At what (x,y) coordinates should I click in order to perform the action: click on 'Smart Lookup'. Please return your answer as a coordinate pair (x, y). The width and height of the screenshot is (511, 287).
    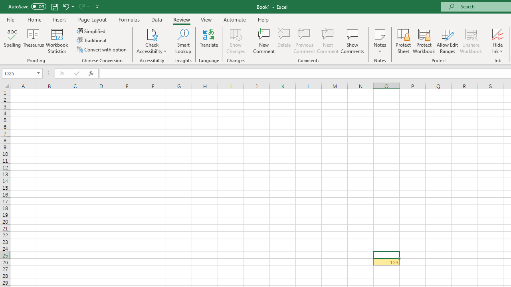
    Looking at the image, I should click on (183, 41).